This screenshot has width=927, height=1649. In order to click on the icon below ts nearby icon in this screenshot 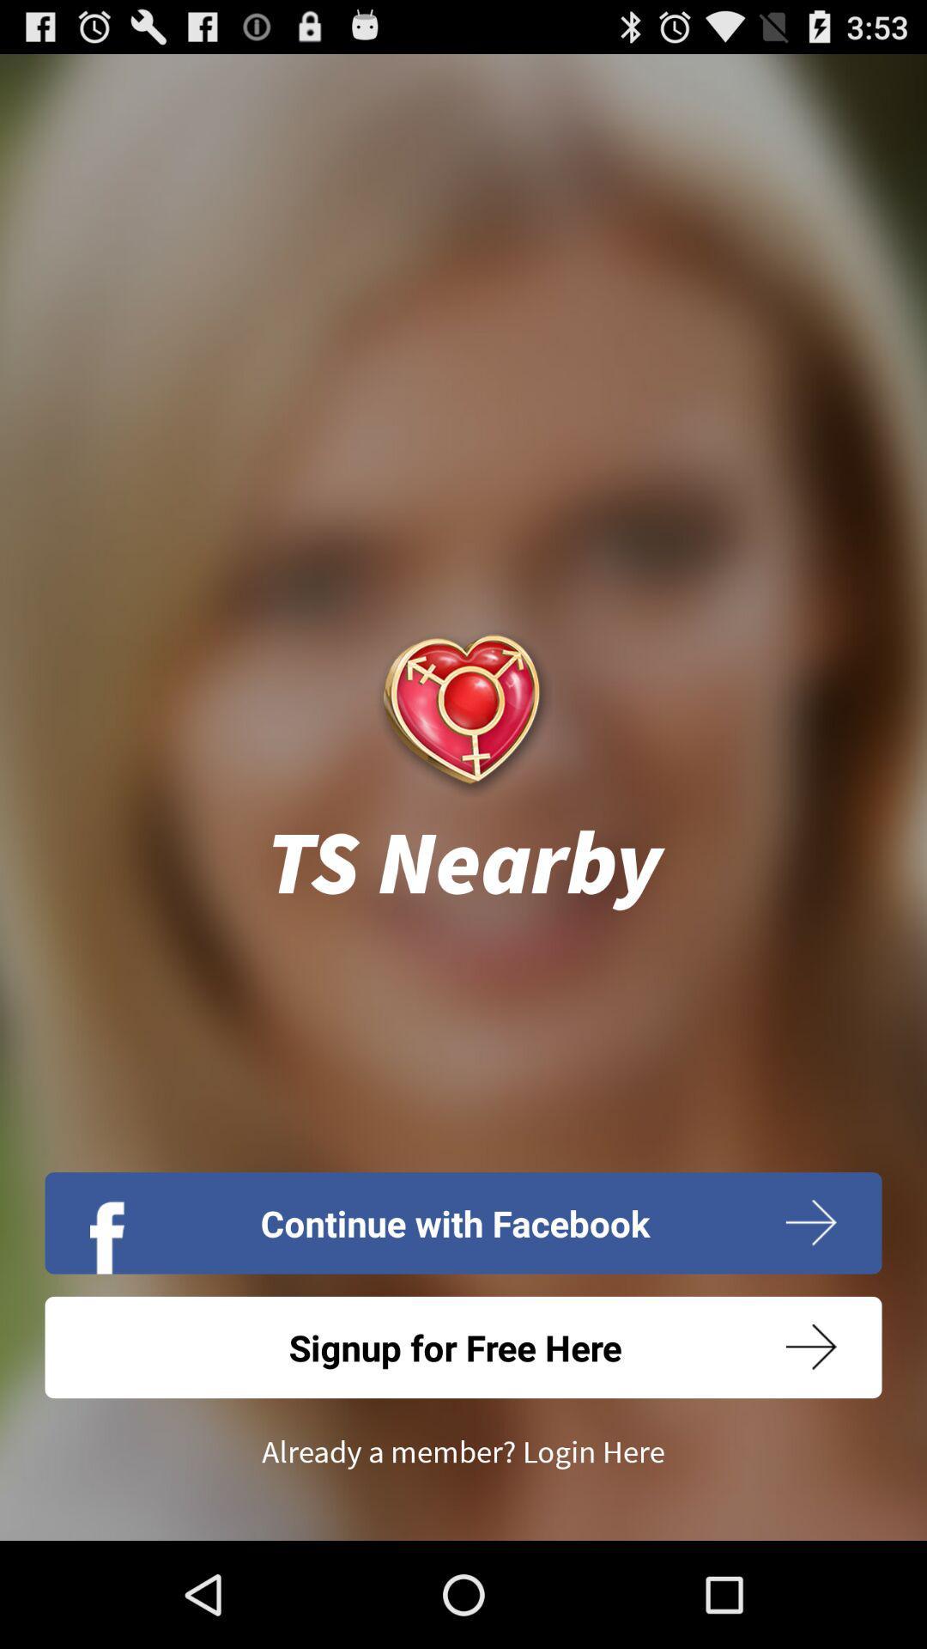, I will do `click(463, 1222)`.